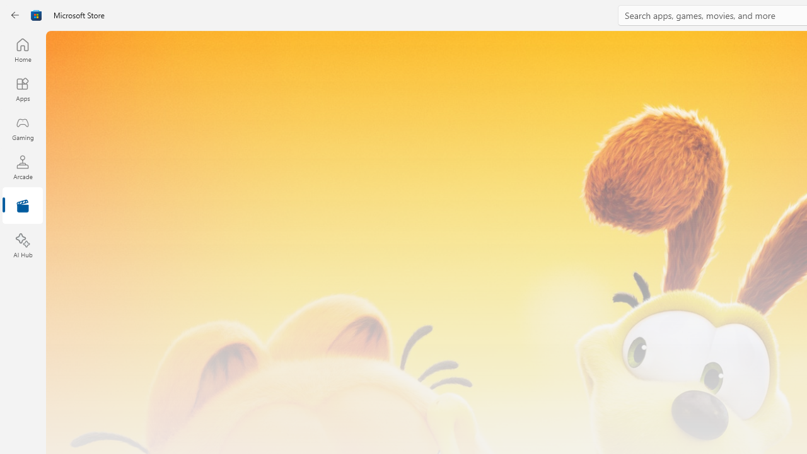  I want to click on 'Entertainment', so click(22, 206).